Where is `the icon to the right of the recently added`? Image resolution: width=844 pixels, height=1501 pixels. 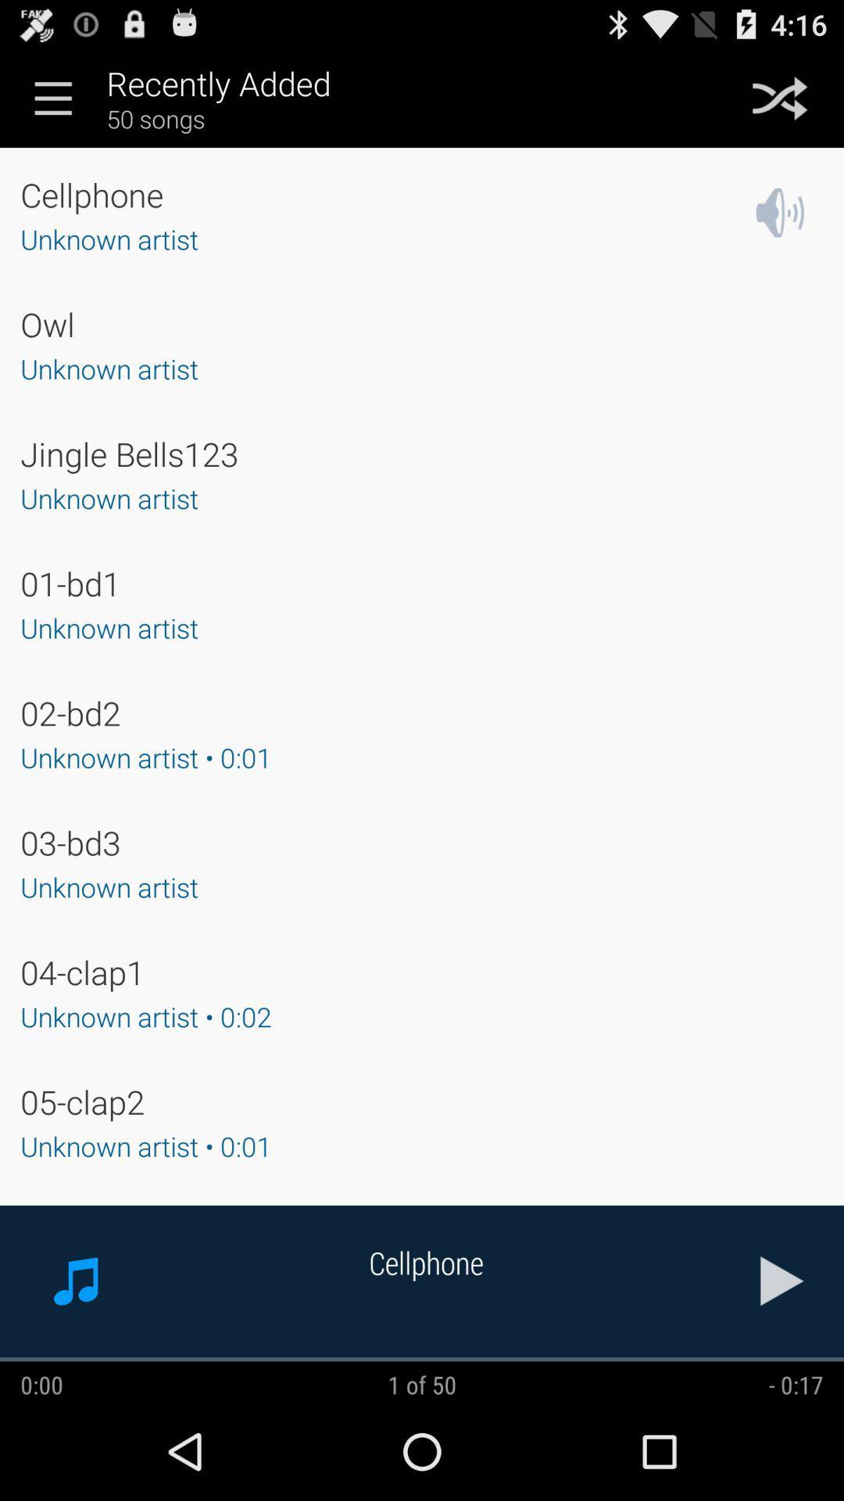 the icon to the right of the recently added is located at coordinates (780, 97).